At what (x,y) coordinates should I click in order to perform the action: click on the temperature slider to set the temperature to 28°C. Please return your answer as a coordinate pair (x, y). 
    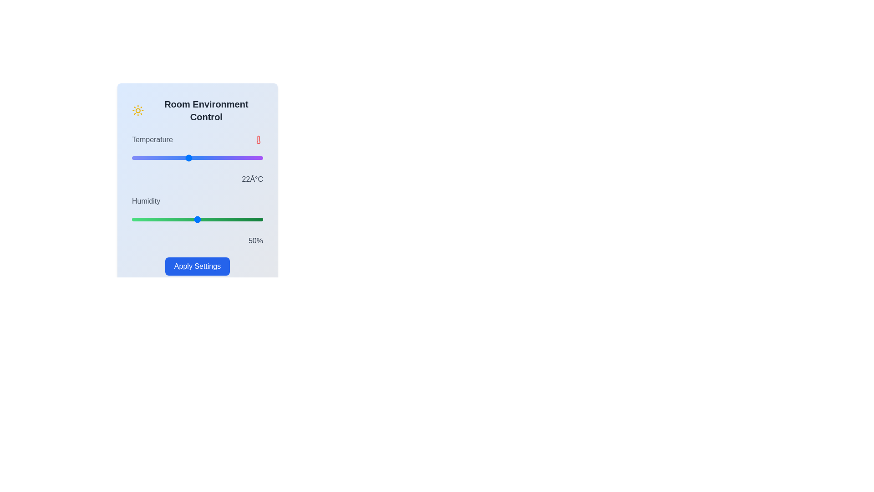
    Looking at the image, I should click on (244, 158).